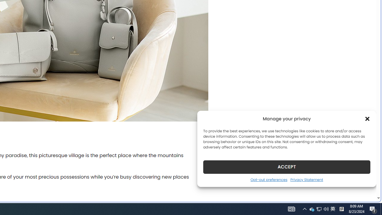  What do you see at coordinates (367, 119) in the screenshot?
I see `'Class: cmplz-close'` at bounding box center [367, 119].